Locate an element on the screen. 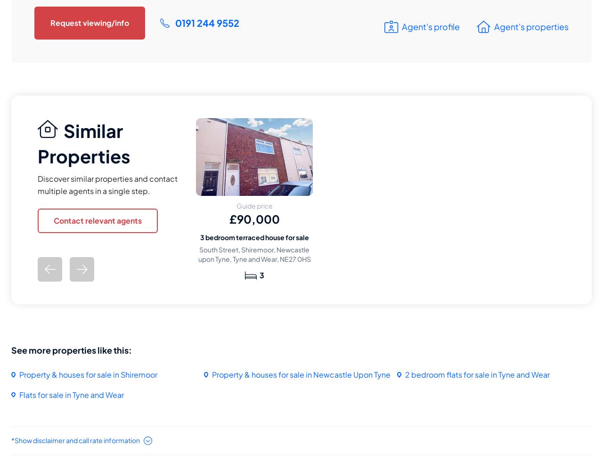 This screenshot has height=469, width=603. 'Guide price' is located at coordinates (236, 206).